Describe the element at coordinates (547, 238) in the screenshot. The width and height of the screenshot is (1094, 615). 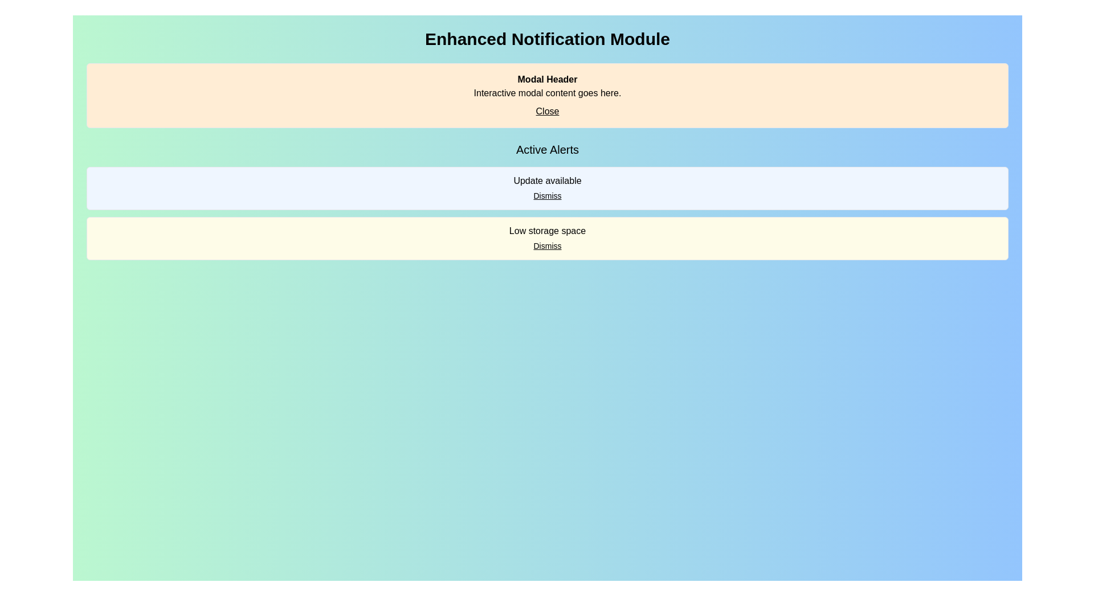
I see `the second notification card in the 'Active Alerts' section, which alerts the user about low storage space` at that location.